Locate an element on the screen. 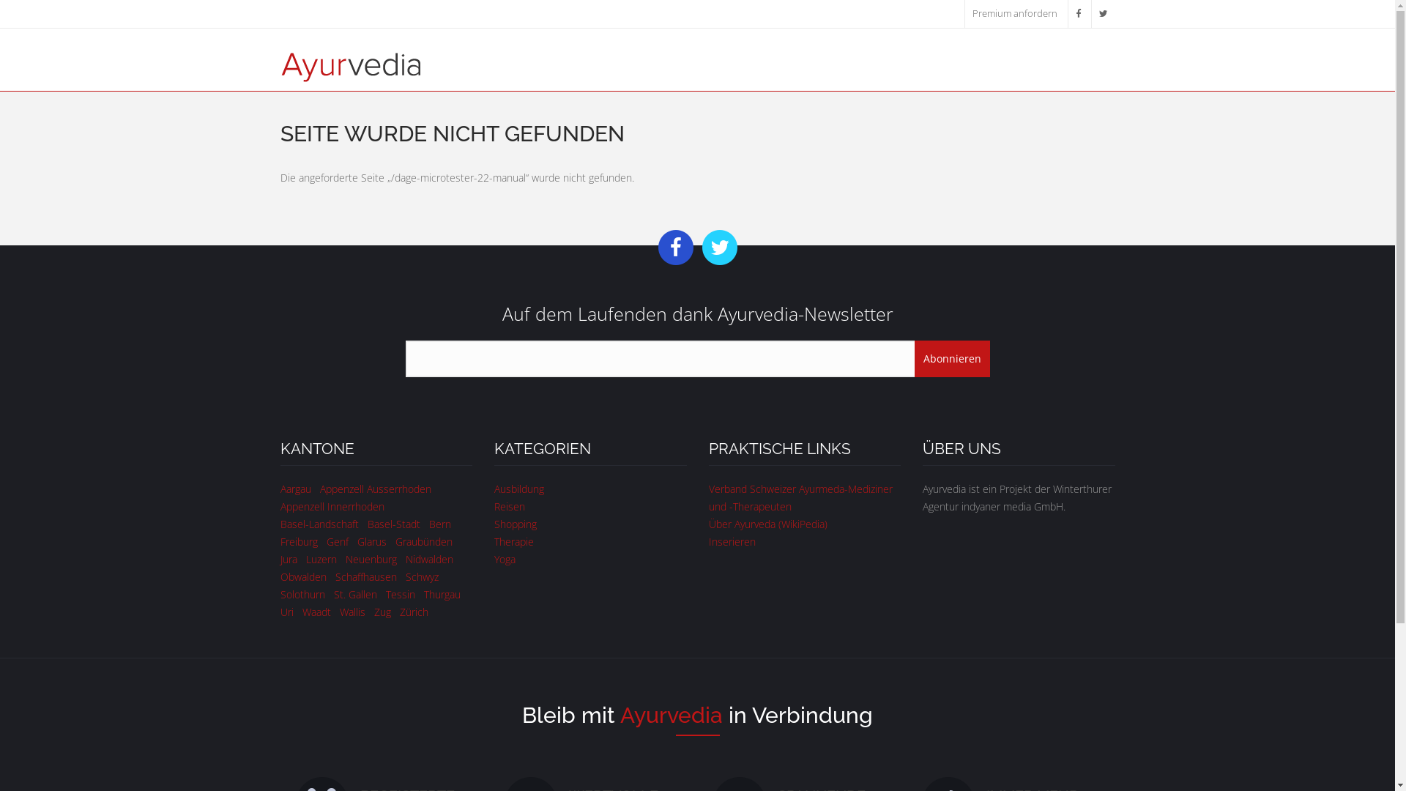 The width and height of the screenshot is (1406, 791). 'Luzern' is located at coordinates (305, 559).